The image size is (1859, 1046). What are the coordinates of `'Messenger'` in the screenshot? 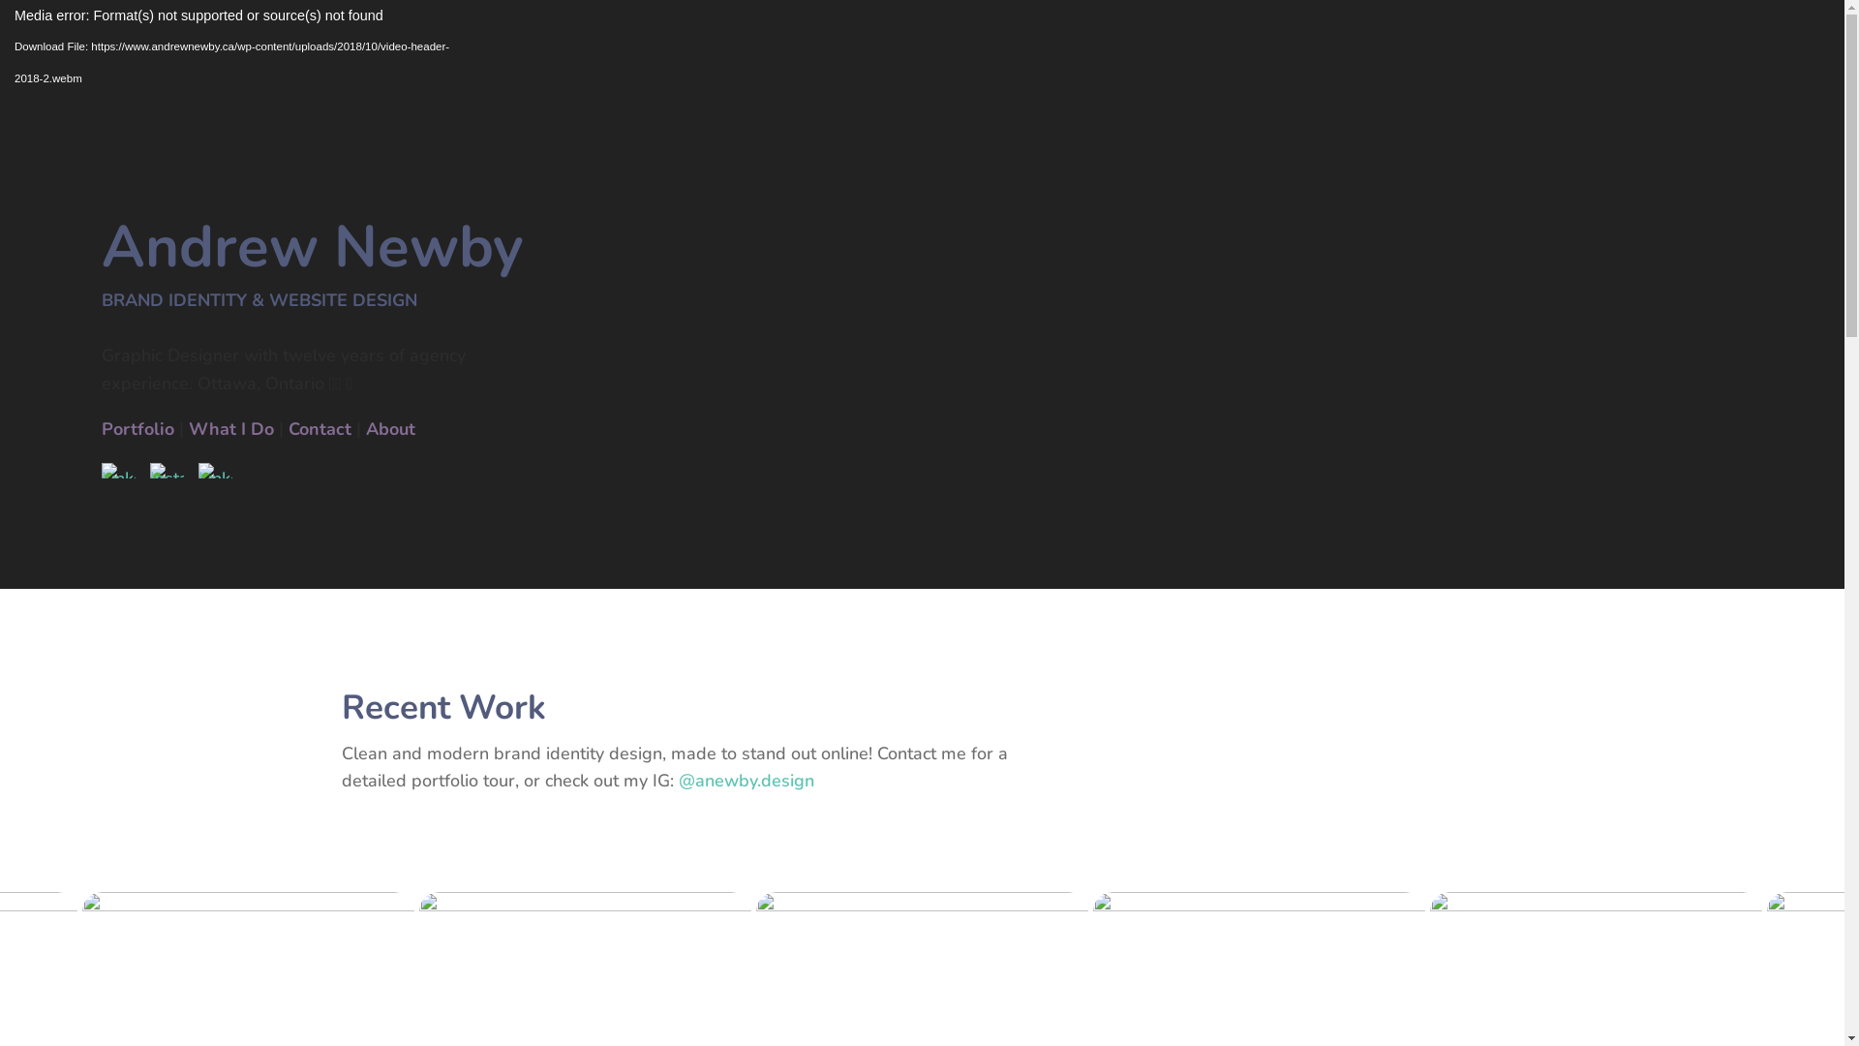 It's located at (215, 471).